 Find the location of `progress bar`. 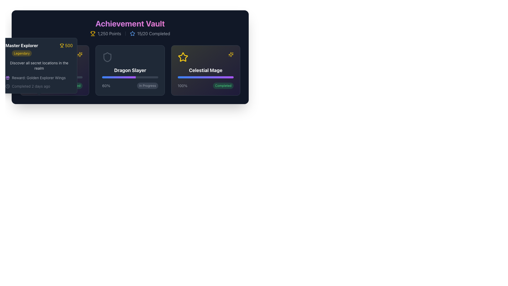

progress bar is located at coordinates (127, 77).